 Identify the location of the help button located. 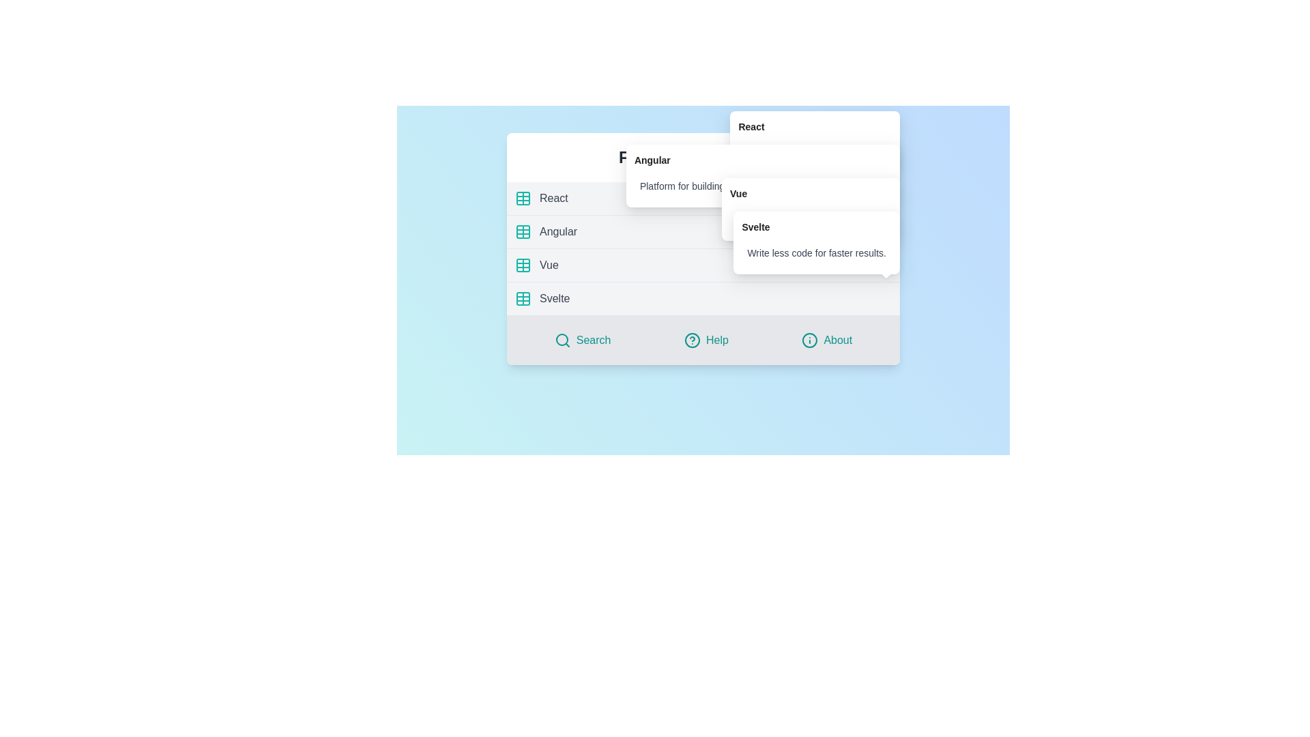
(706, 339).